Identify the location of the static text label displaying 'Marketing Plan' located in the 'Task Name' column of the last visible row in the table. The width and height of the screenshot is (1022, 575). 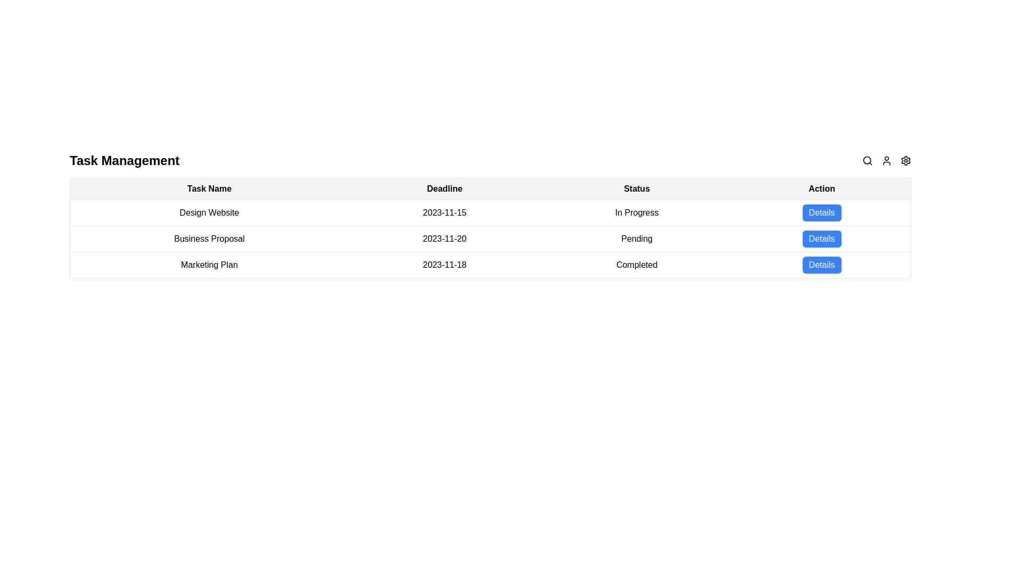
(209, 264).